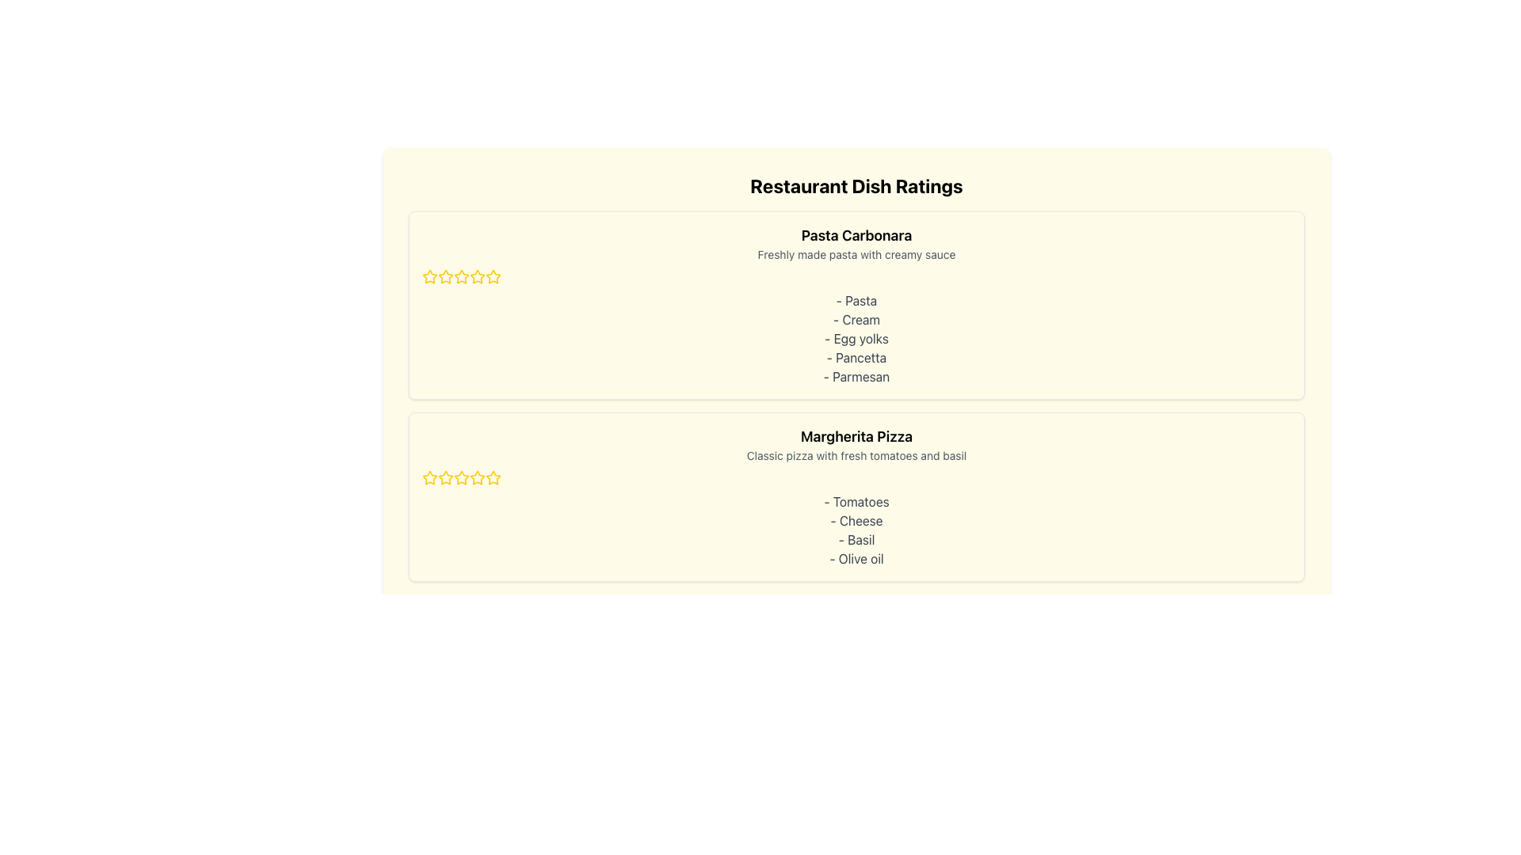 This screenshot has height=855, width=1521. I want to click on the text label displaying '- Basil', which is the third item in the list under the 'Margherita Pizza' section, so click(856, 539).